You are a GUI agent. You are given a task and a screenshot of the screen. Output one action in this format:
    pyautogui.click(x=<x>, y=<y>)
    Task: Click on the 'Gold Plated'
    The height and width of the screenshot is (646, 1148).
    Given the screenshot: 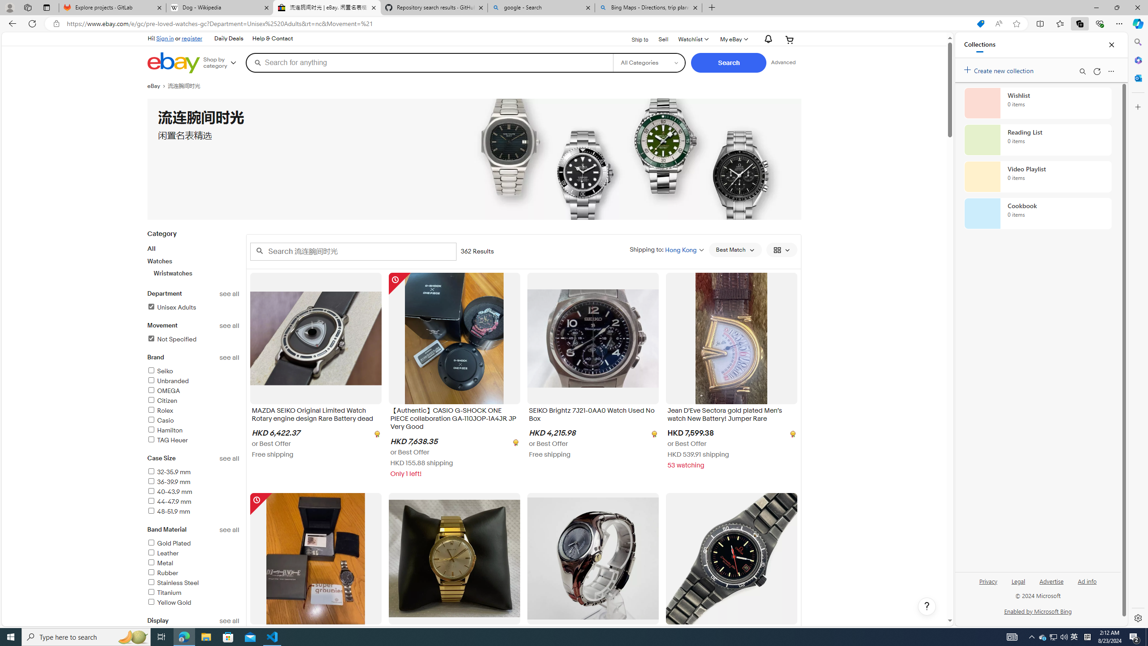 What is the action you would take?
    pyautogui.click(x=193, y=543)
    